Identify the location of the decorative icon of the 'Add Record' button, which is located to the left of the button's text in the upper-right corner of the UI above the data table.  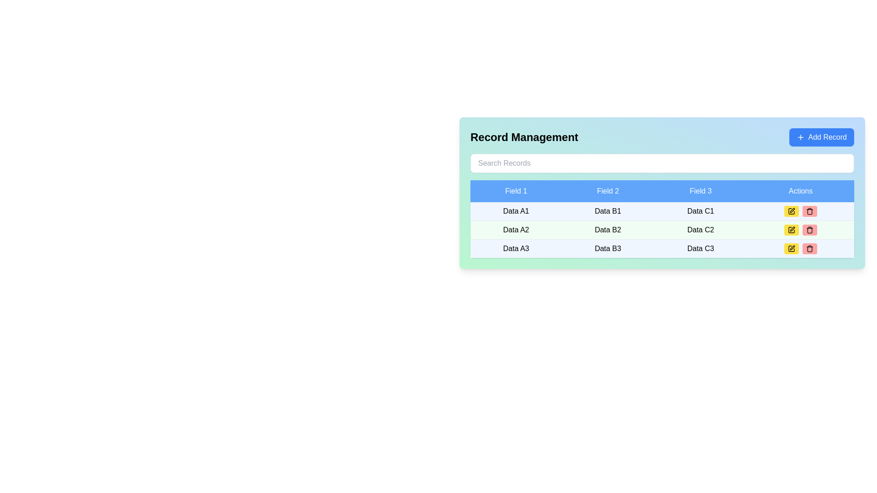
(800, 137).